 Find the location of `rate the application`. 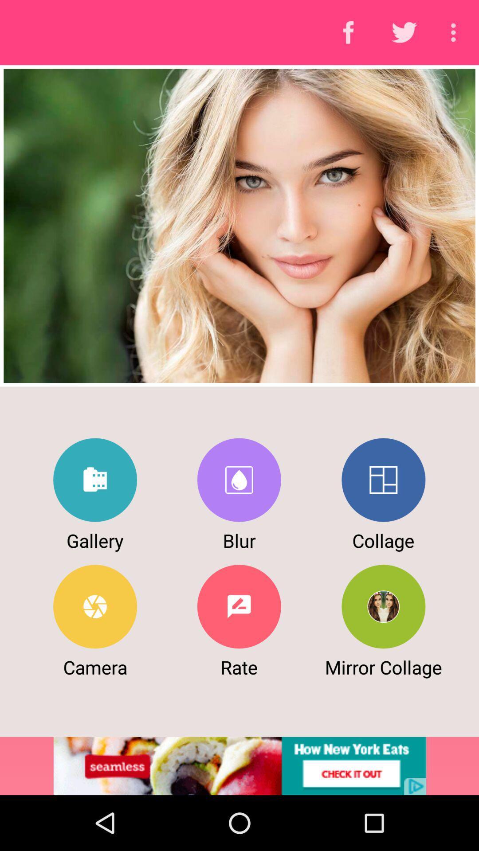

rate the application is located at coordinates (239, 606).